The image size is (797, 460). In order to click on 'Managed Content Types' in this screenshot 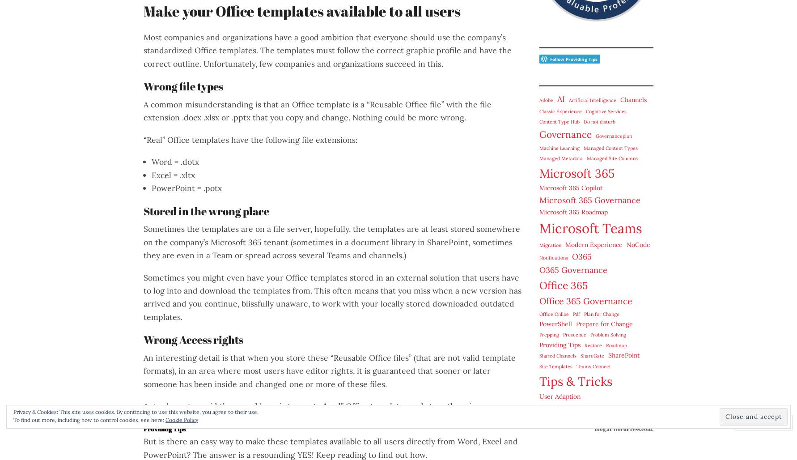, I will do `click(610, 147)`.